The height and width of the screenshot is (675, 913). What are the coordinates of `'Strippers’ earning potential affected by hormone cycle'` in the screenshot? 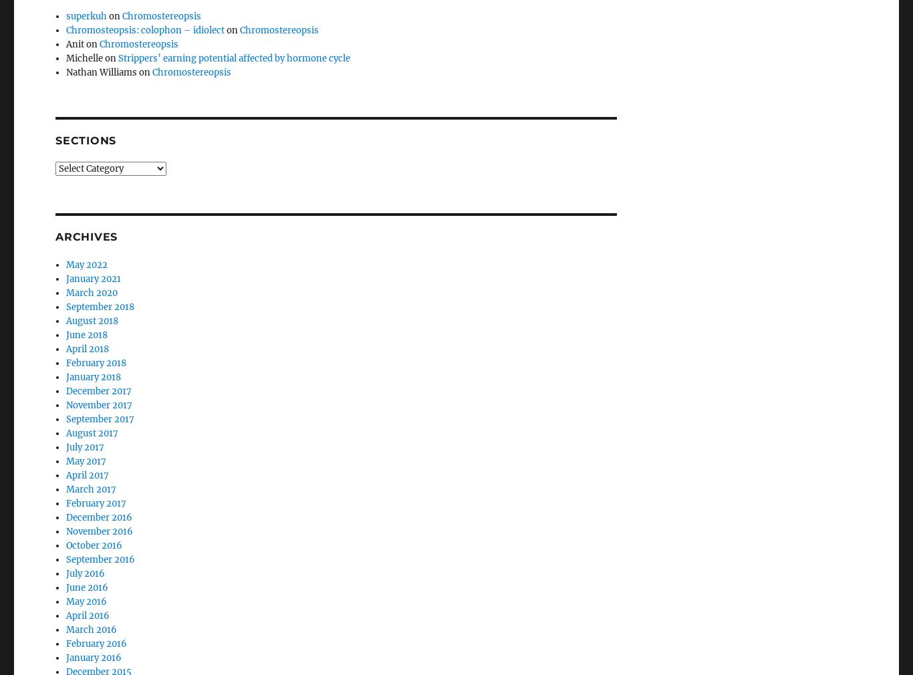 It's located at (233, 21).